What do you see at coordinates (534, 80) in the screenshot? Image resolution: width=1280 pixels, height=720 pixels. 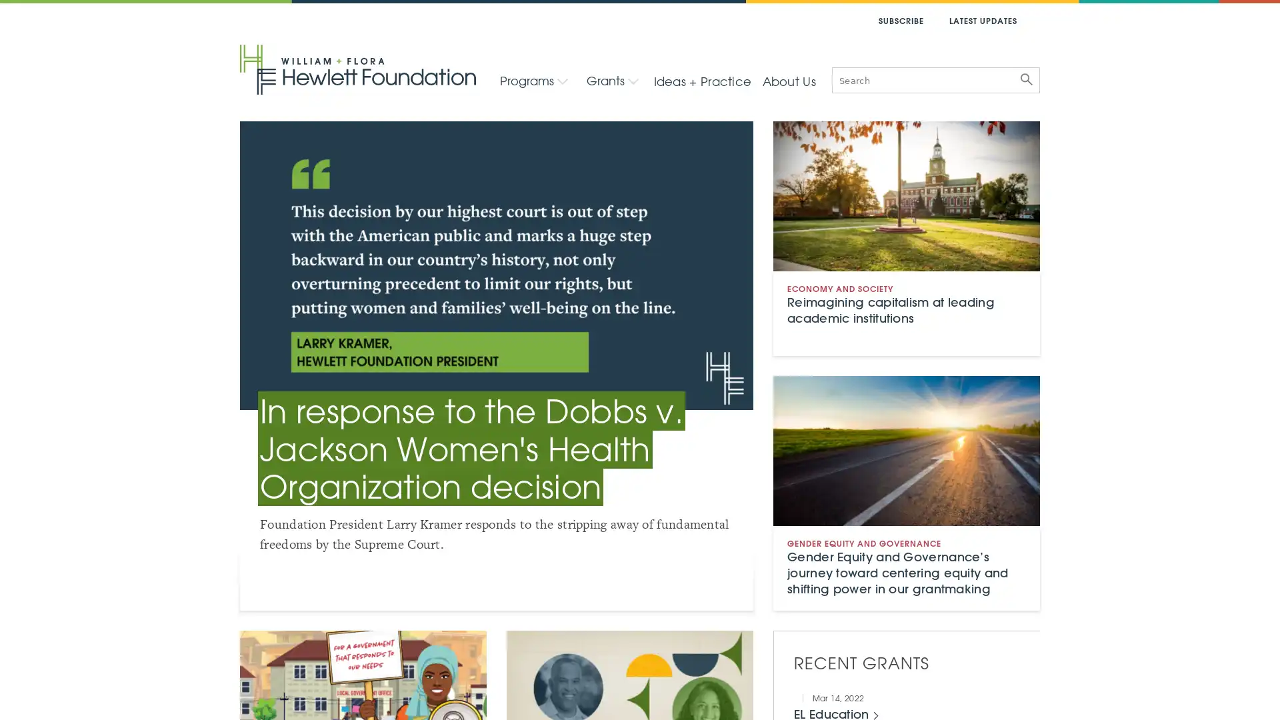 I see `Programs` at bounding box center [534, 80].